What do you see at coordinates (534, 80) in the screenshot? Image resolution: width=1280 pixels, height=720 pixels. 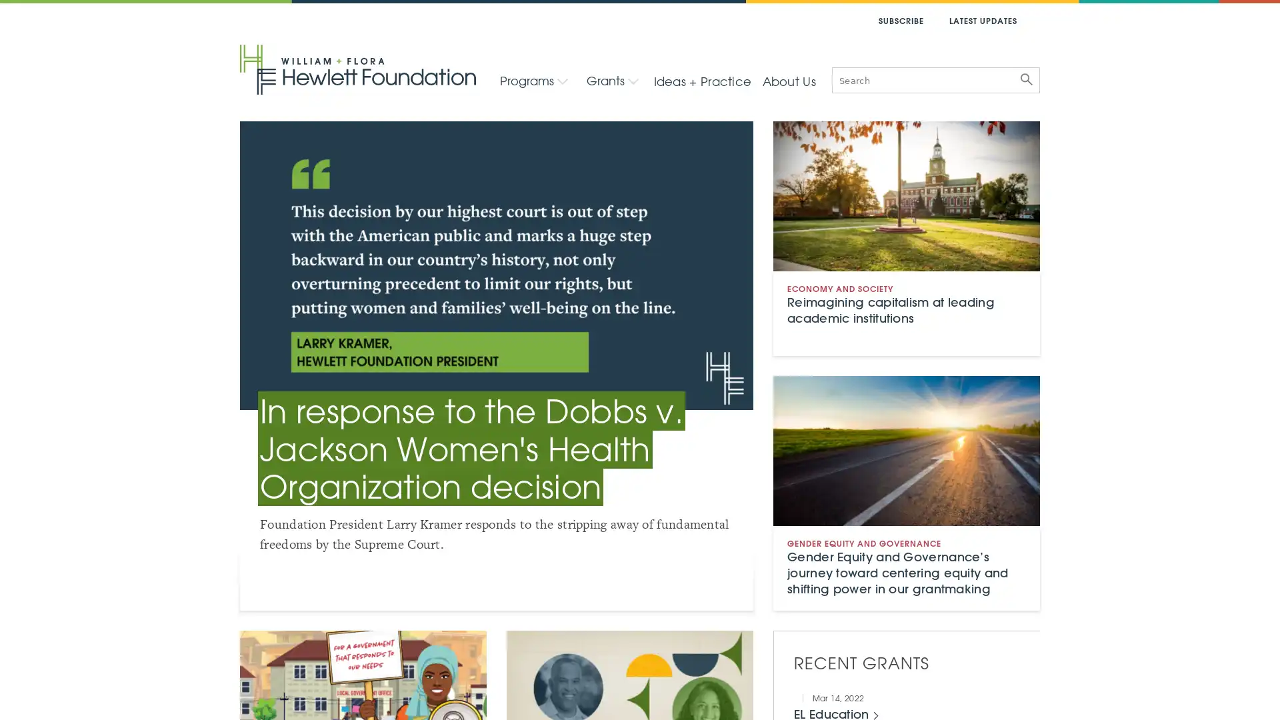 I see `Programs` at bounding box center [534, 80].